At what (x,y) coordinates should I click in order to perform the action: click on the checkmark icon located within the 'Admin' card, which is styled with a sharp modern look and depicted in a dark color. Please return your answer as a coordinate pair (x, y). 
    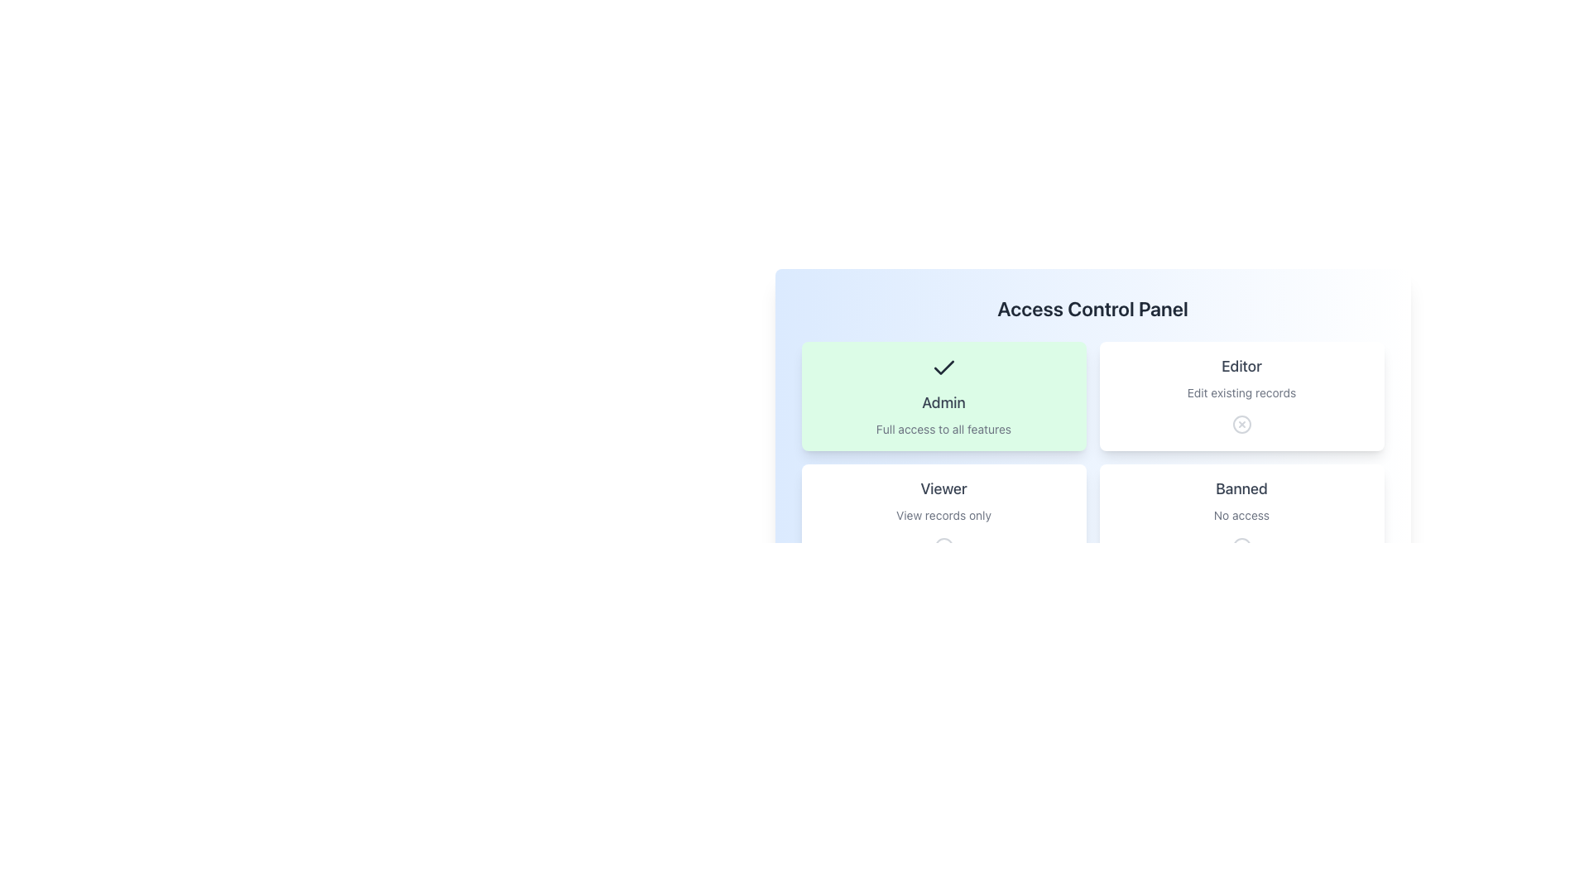
    Looking at the image, I should click on (943, 367).